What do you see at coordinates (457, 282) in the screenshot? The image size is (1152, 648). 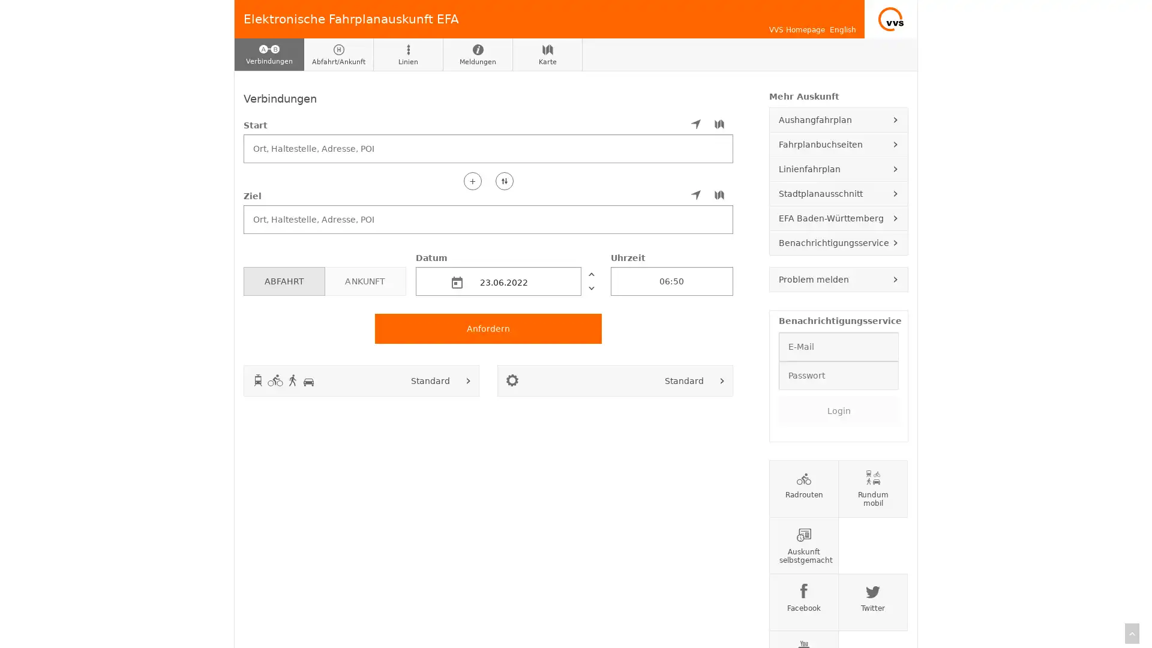 I see `md-calendar` at bounding box center [457, 282].